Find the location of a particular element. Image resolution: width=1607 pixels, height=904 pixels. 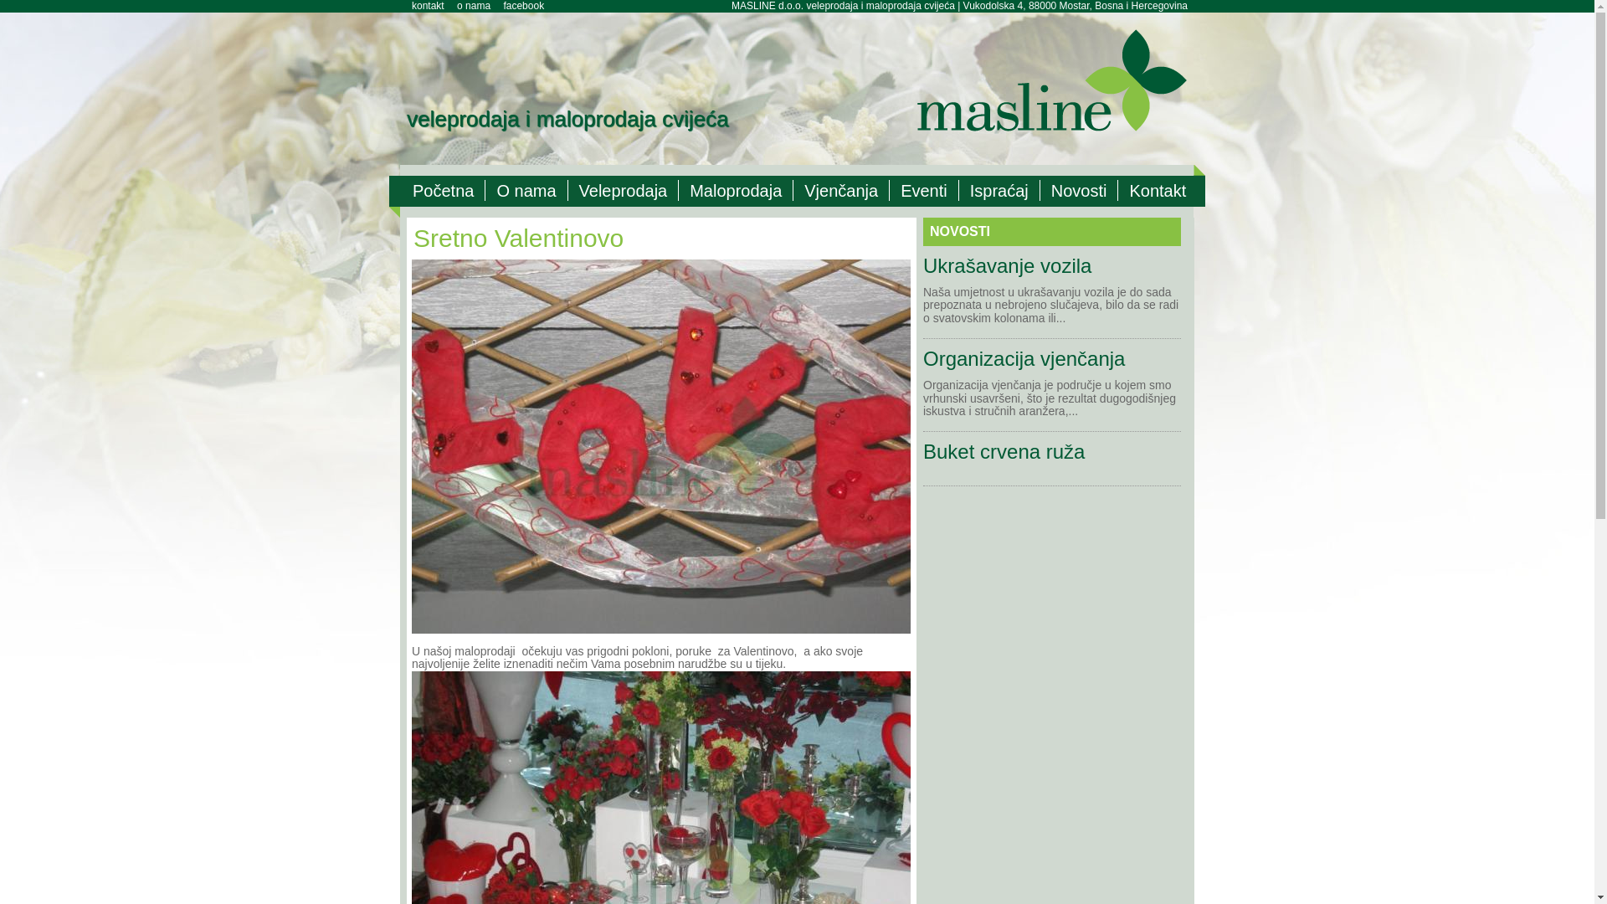

'O nama' is located at coordinates (525, 189).